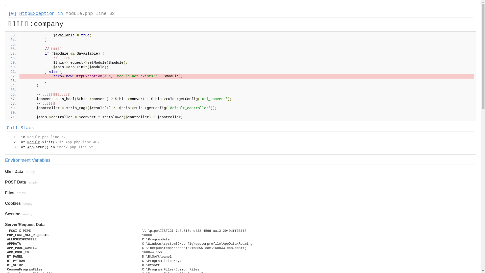  I want to click on 'index.php line 52', so click(75, 147).